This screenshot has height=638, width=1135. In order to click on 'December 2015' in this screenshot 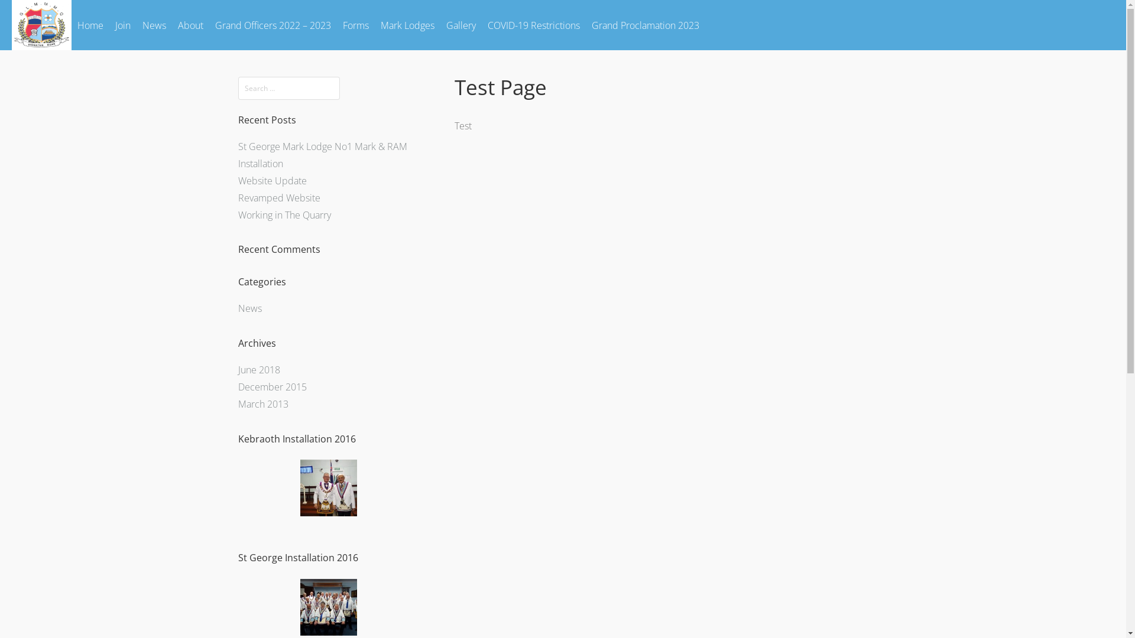, I will do `click(271, 387)`.